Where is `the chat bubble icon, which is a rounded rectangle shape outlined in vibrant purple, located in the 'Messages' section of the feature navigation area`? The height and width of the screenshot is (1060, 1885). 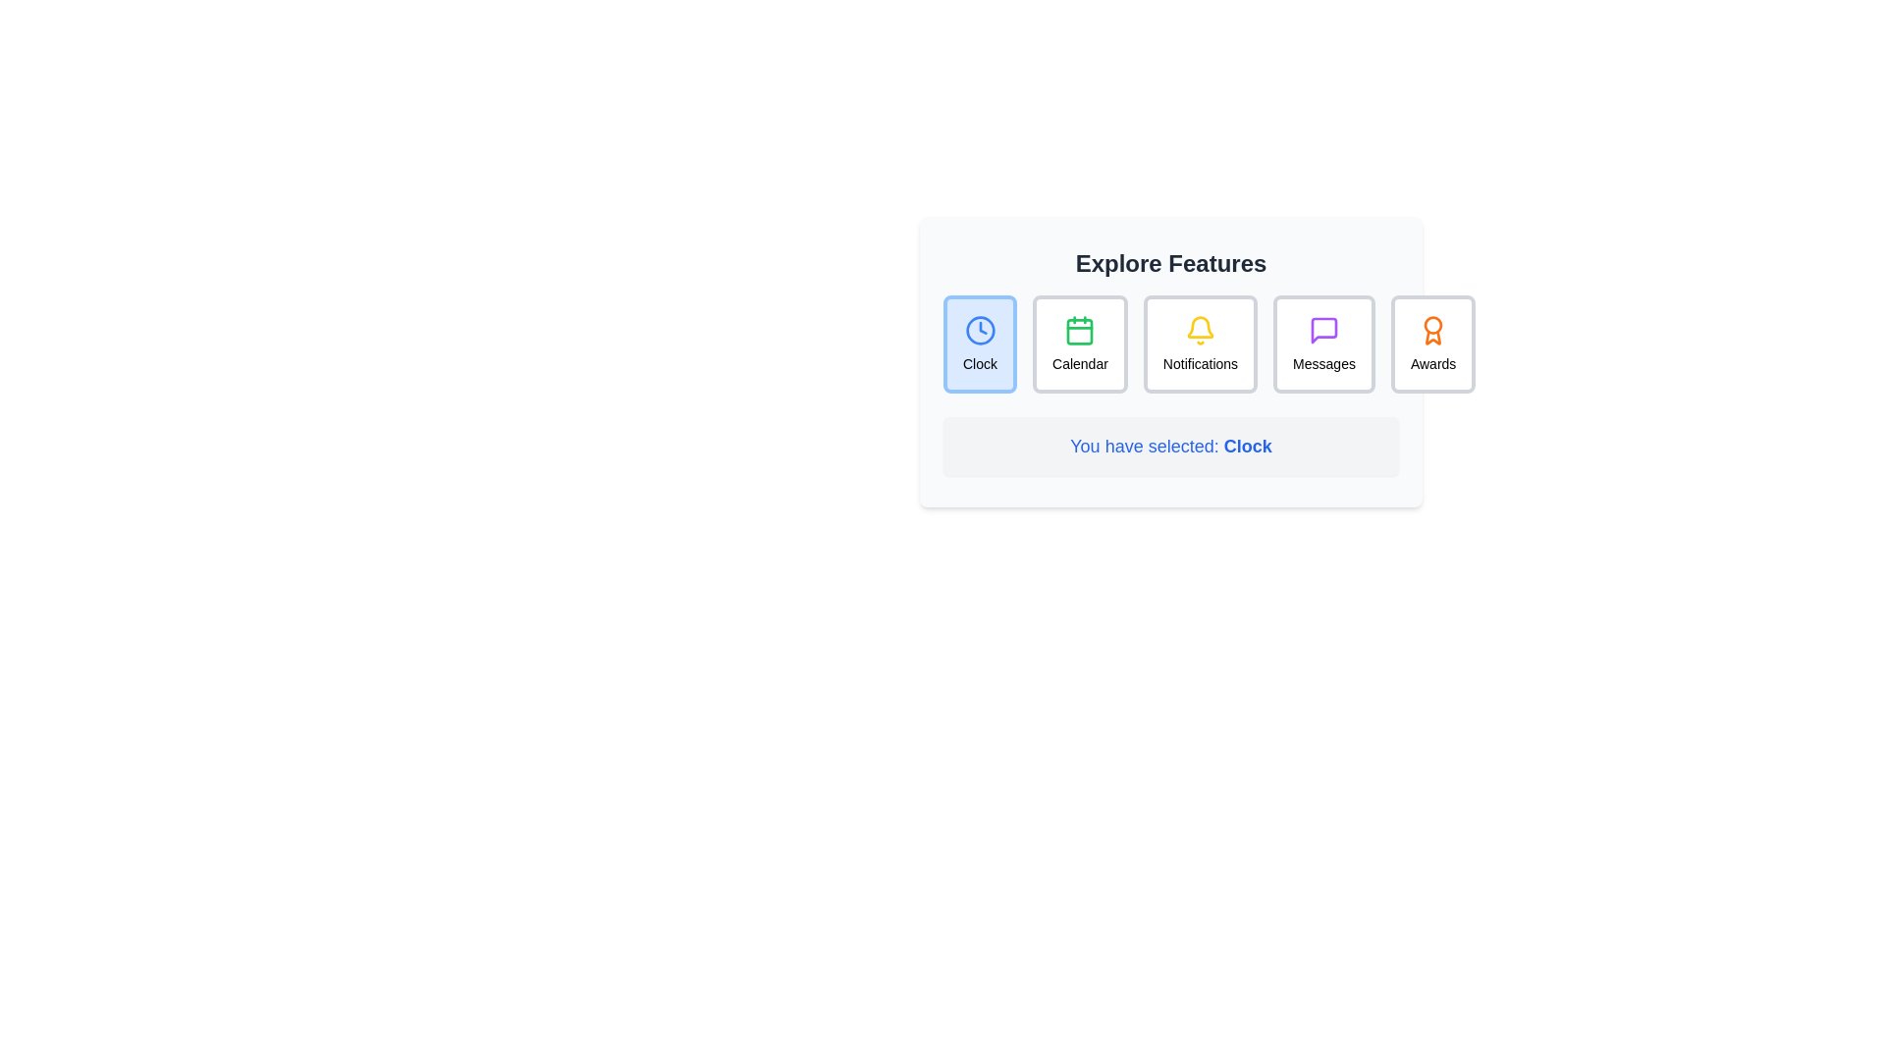
the chat bubble icon, which is a rounded rectangle shape outlined in vibrant purple, located in the 'Messages' section of the feature navigation area is located at coordinates (1323, 329).